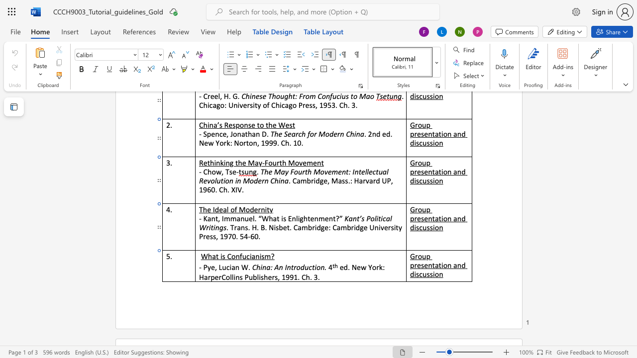 The width and height of the screenshot is (637, 358). I want to click on the space between the continuous character "I" and "n" in the text, so click(287, 267).